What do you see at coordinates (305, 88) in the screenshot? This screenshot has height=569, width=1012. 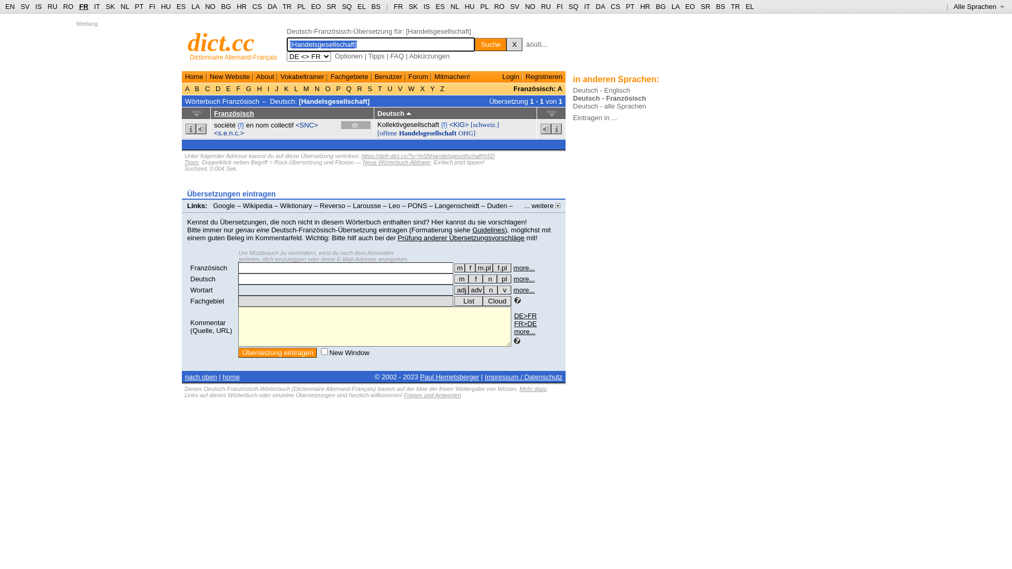 I see `'M'` at bounding box center [305, 88].